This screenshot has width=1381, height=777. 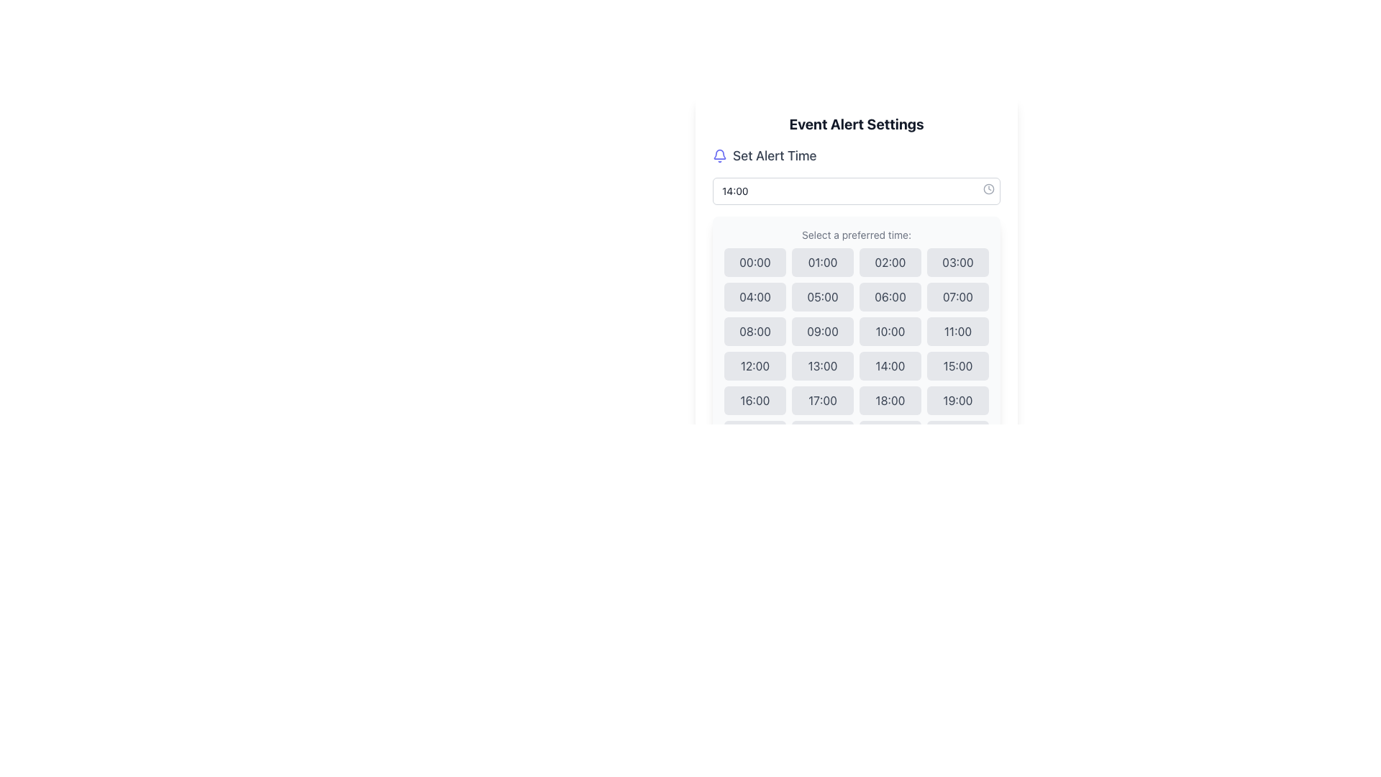 I want to click on the button for selecting '17:00', which is located in the fifth row and the second column of the time options grid, so click(x=822, y=400).